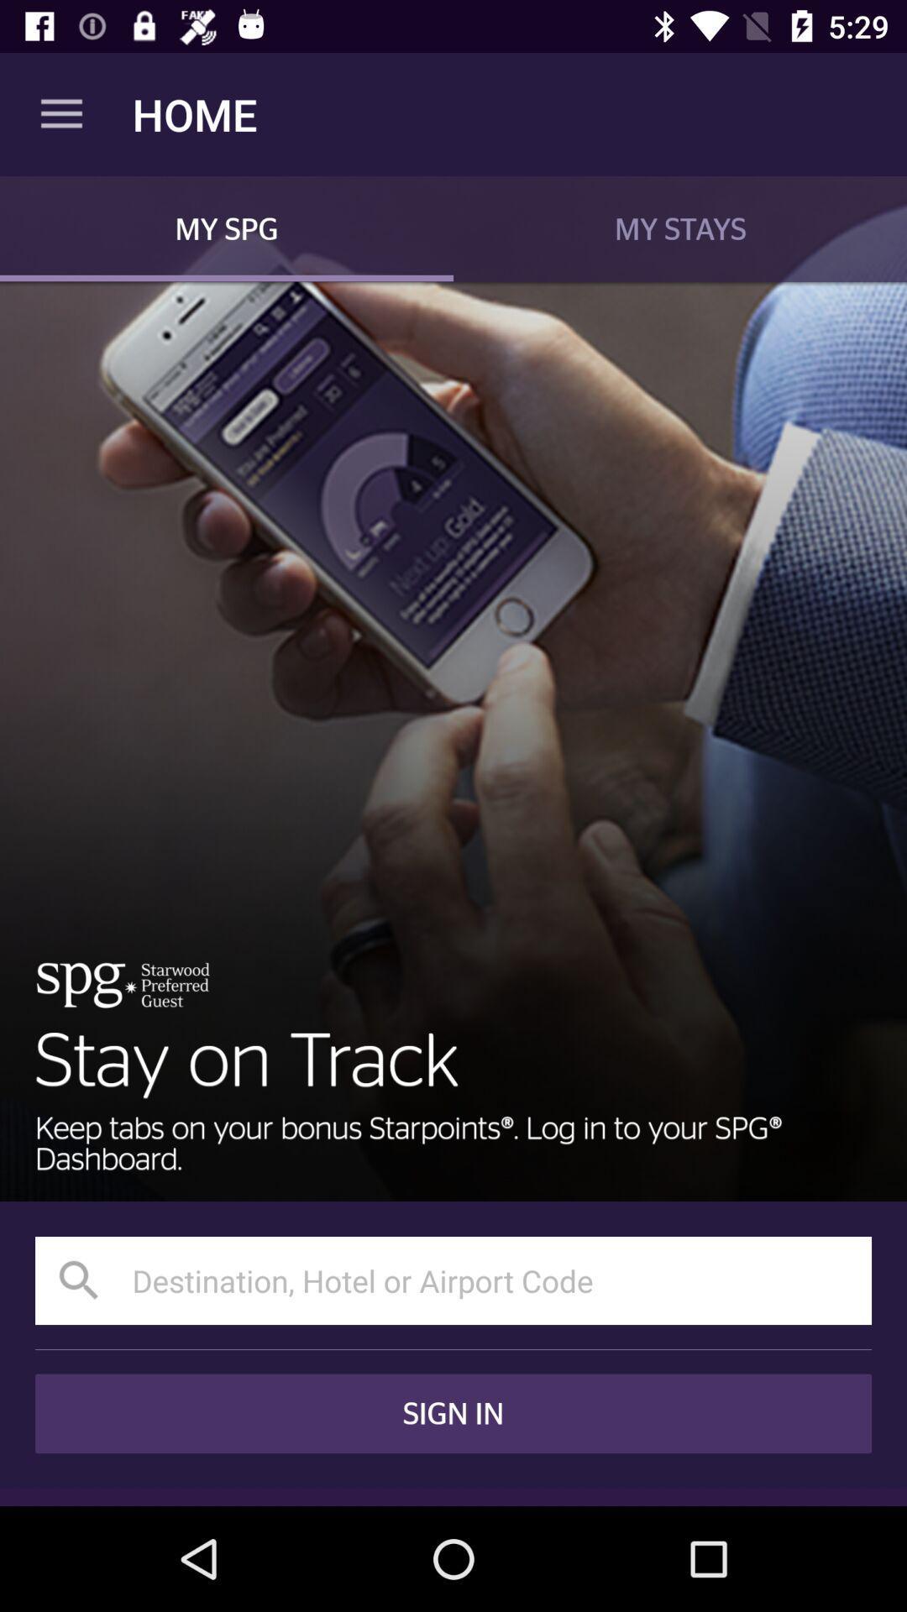  I want to click on the app to the left of the home icon, so click(60, 113).